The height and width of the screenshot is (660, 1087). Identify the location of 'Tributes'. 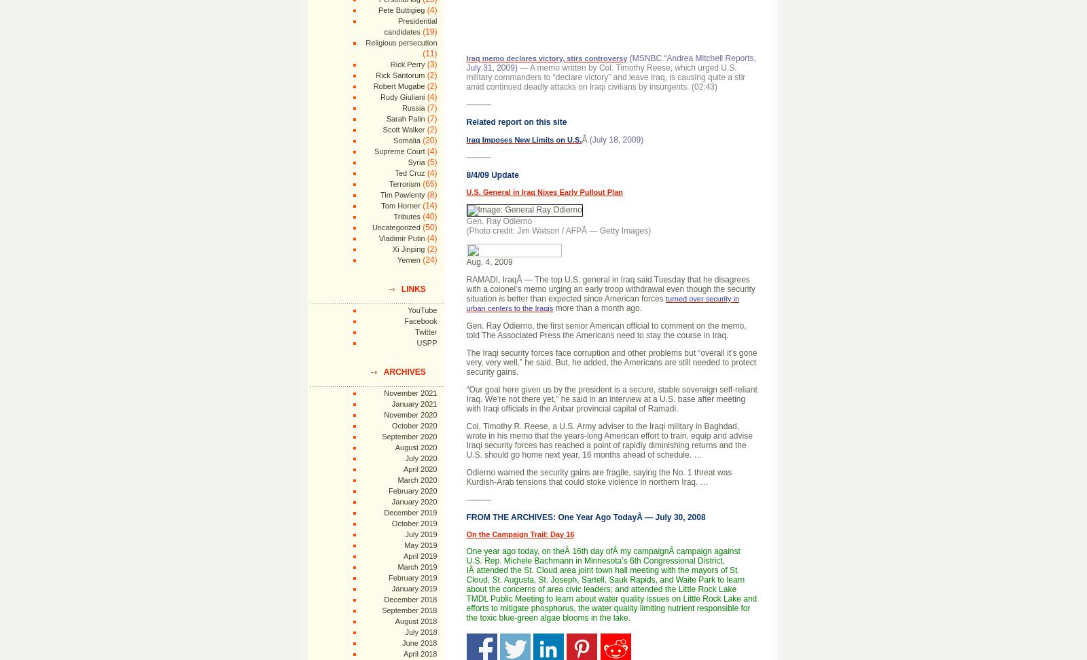
(406, 216).